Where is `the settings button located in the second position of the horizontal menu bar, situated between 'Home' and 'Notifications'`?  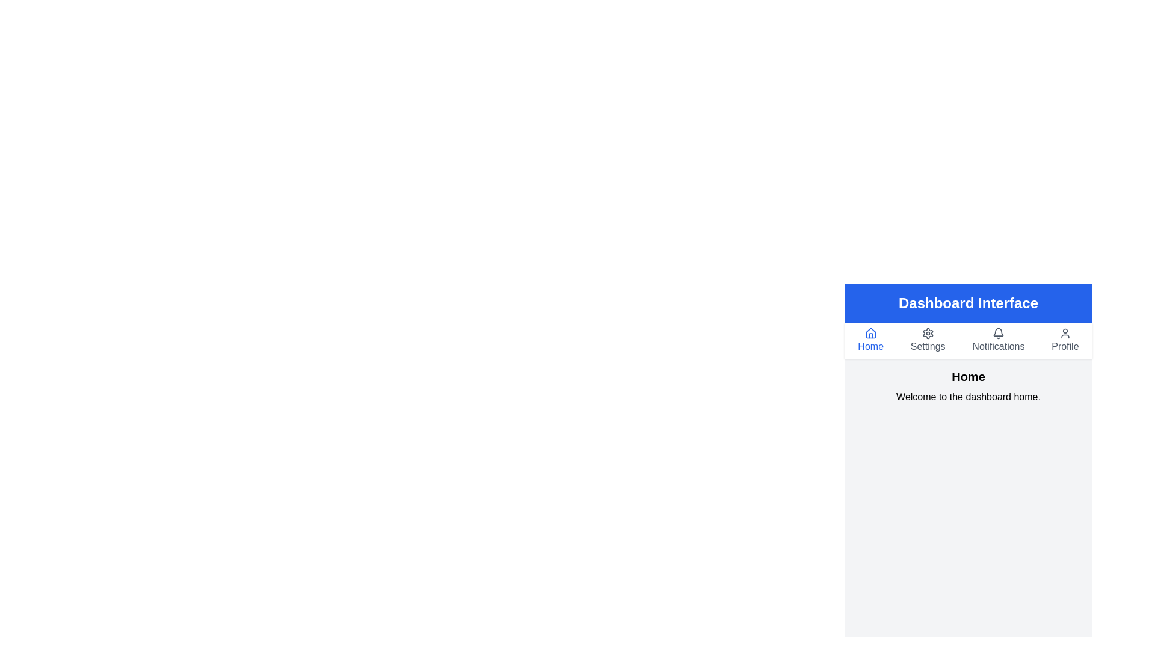
the settings button located in the second position of the horizontal menu bar, situated between 'Home' and 'Notifications' is located at coordinates (927, 341).